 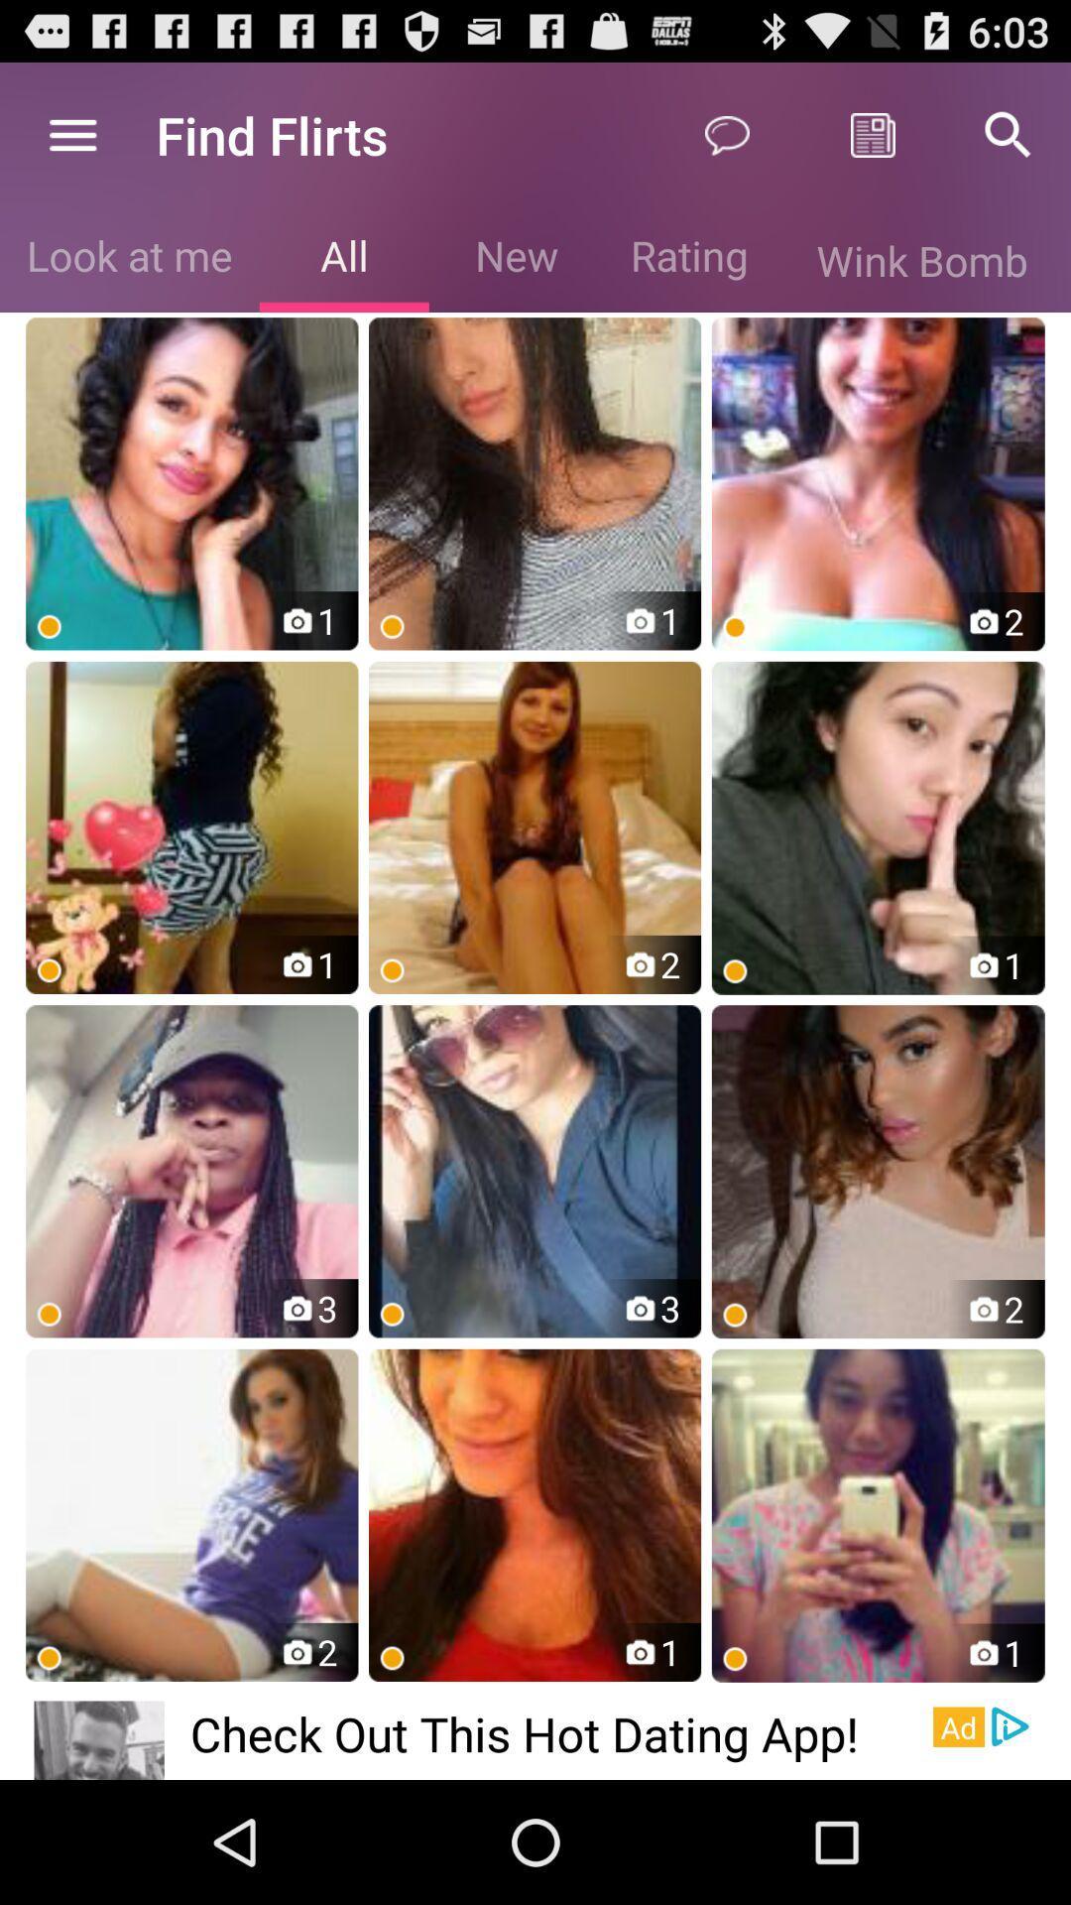 I want to click on look at me, so click(x=129, y=259).